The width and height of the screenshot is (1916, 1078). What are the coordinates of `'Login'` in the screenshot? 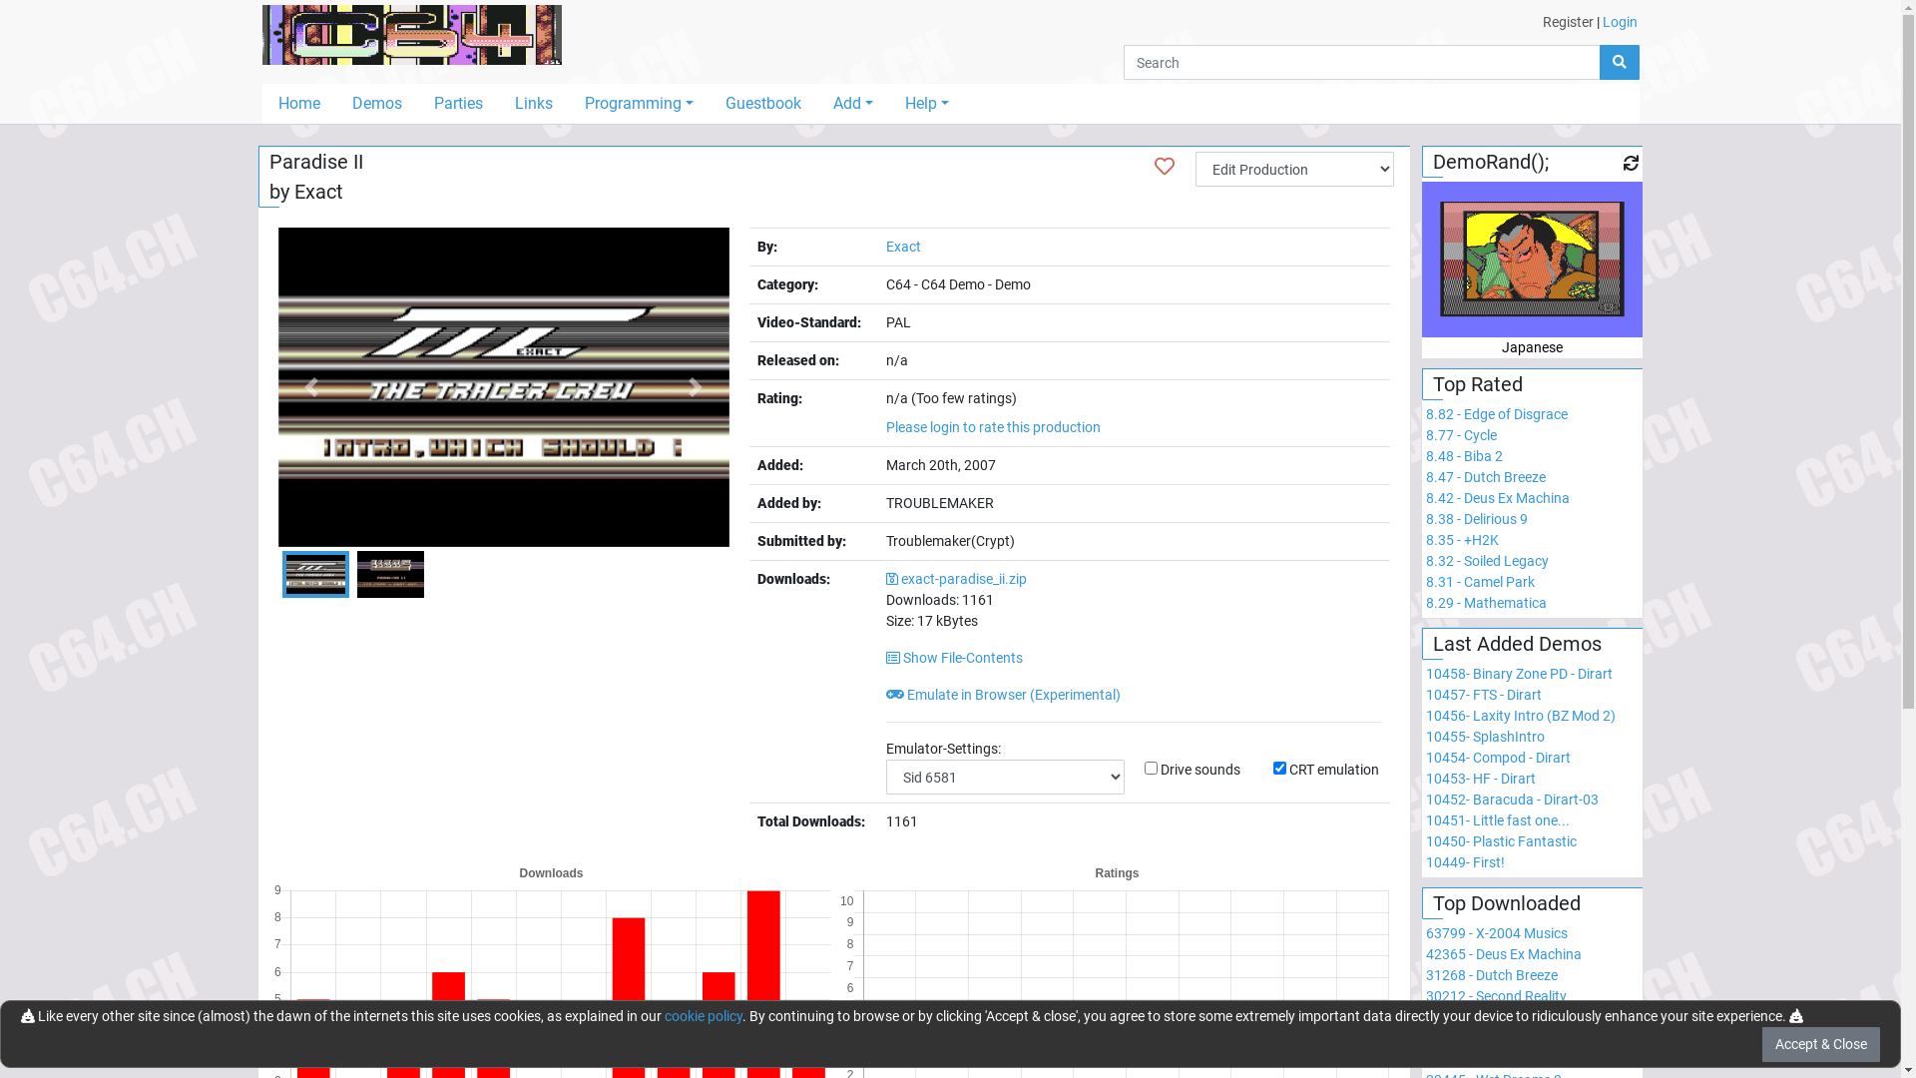 It's located at (1620, 22).